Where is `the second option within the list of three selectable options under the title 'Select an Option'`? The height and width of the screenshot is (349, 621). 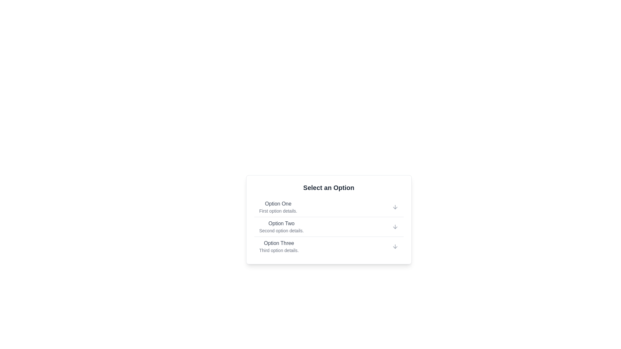
the second option within the list of three selectable options under the title 'Select an Option' is located at coordinates (329, 227).